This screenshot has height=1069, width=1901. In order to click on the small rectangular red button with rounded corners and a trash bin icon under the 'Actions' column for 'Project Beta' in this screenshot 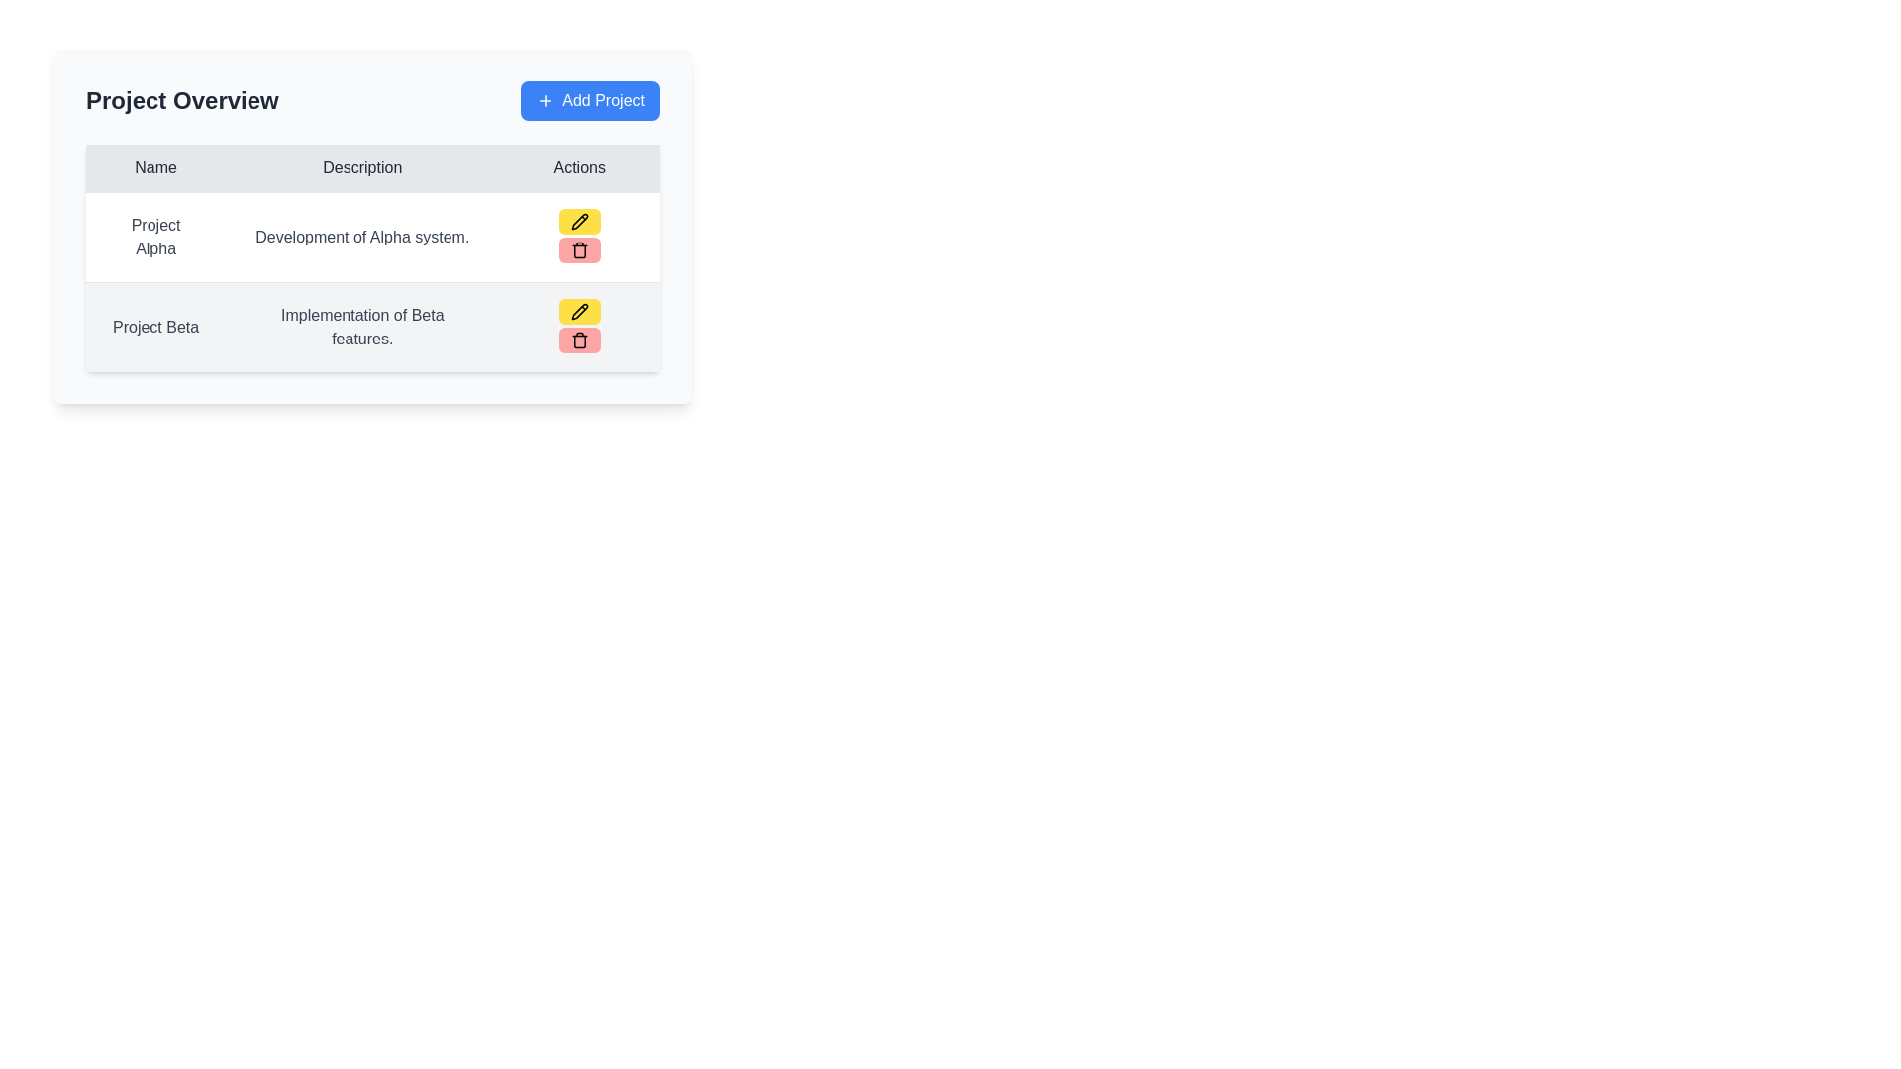, I will do `click(578, 339)`.